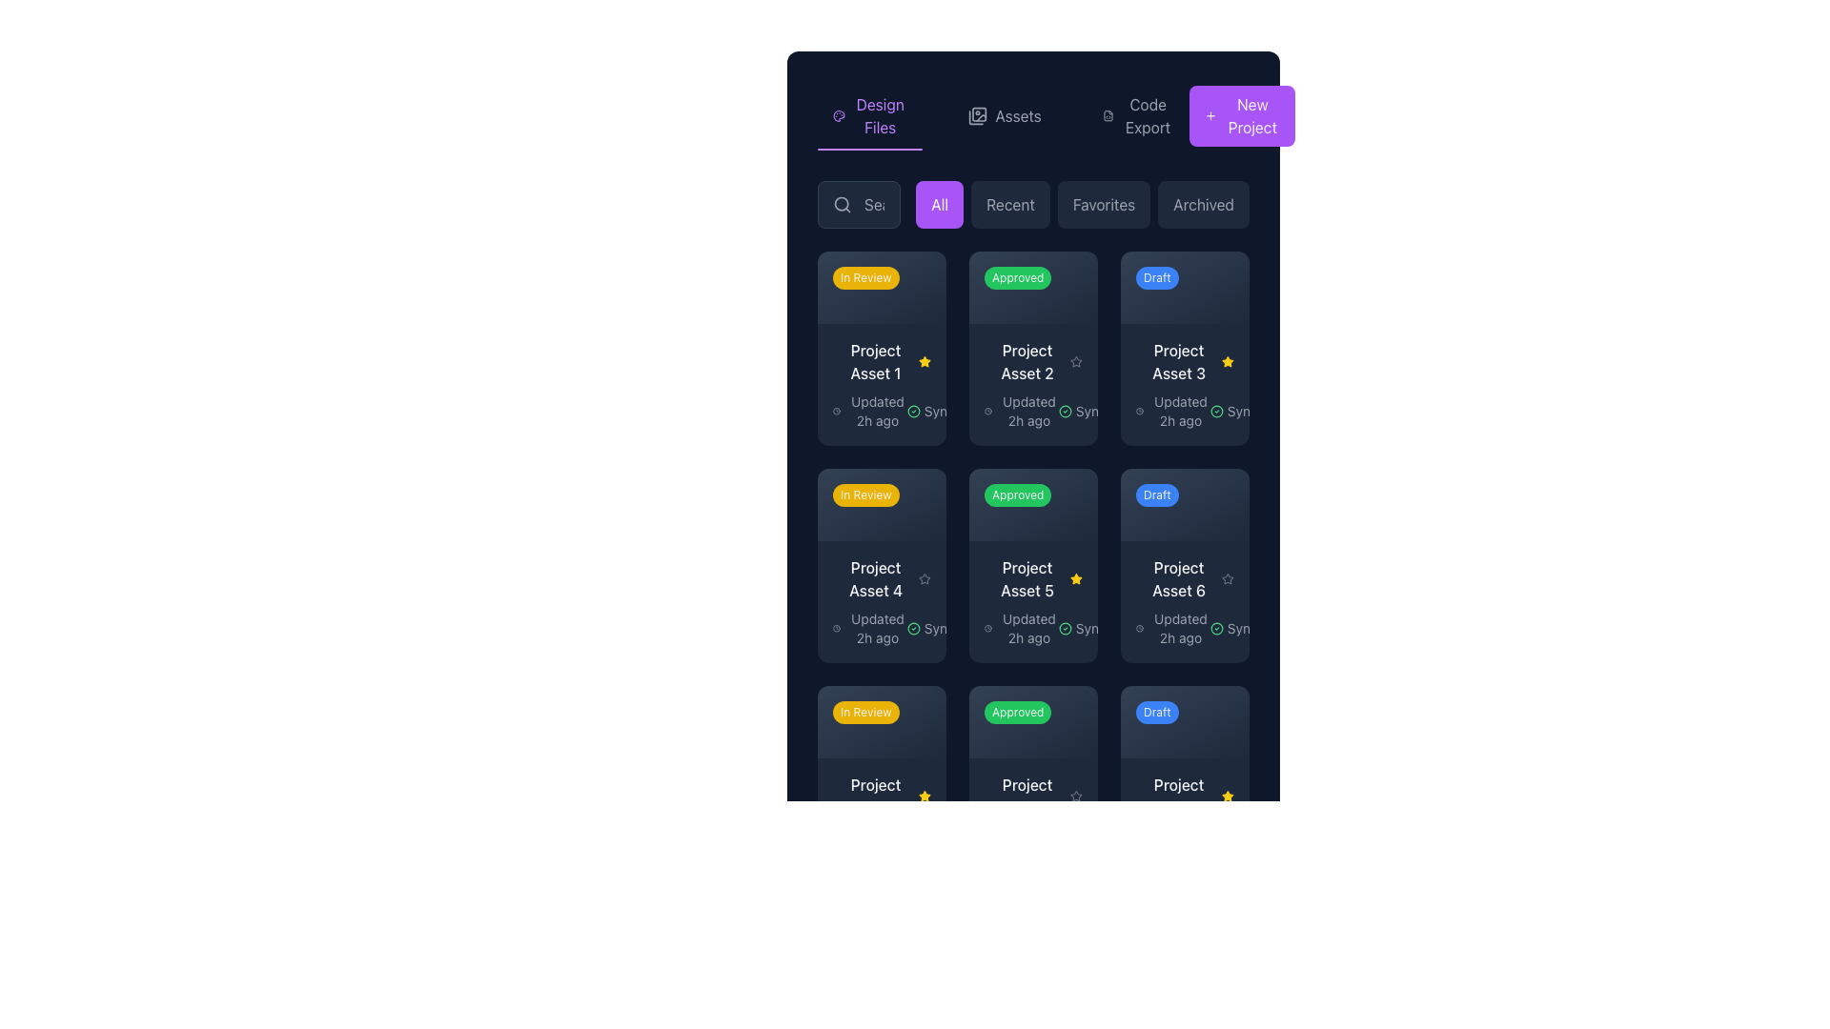 This screenshot has height=1029, width=1830. I want to click on the text label 'Updated 2h ago' with the accompanying clock icon, located in the bottom-left region of the card labeled 'Project Asset 1', so click(868, 410).